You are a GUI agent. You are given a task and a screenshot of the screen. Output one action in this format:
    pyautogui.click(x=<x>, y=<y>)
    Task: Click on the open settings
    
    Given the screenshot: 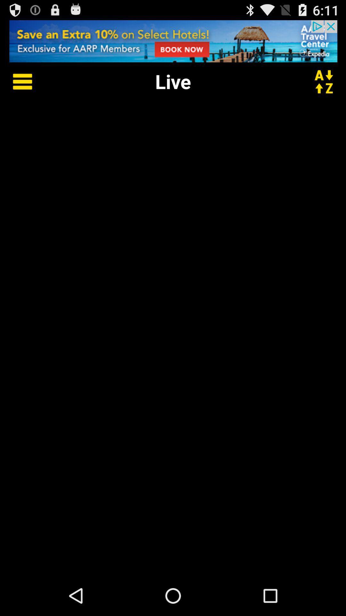 What is the action you would take?
    pyautogui.click(x=18, y=81)
    